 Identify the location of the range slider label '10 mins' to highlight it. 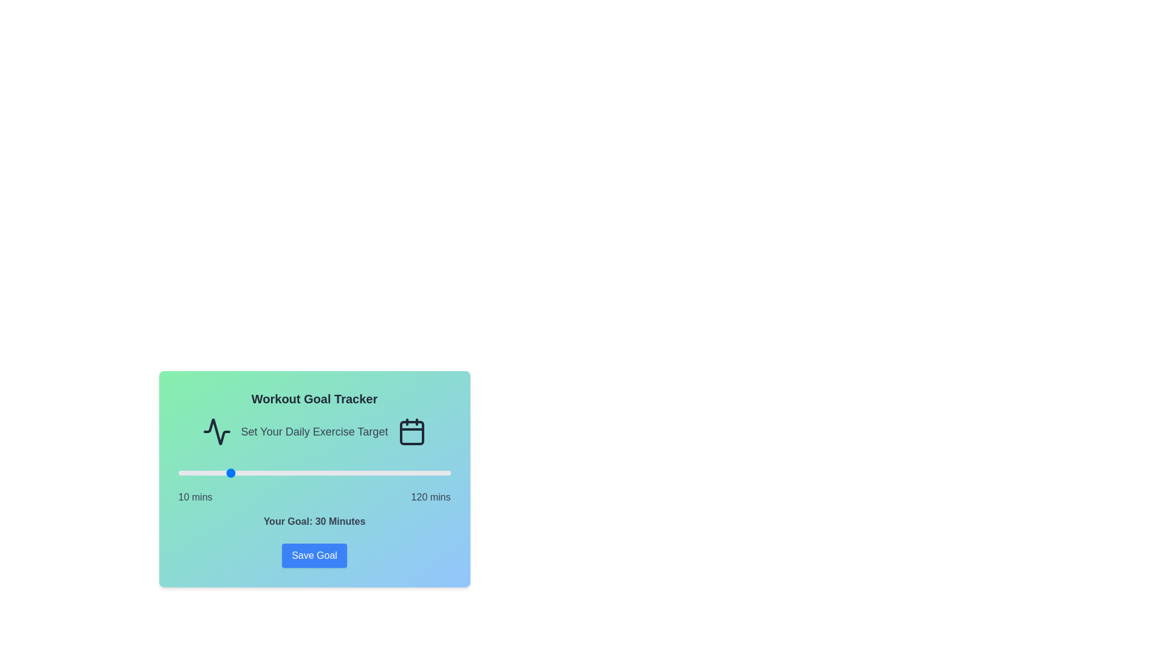
(195, 497).